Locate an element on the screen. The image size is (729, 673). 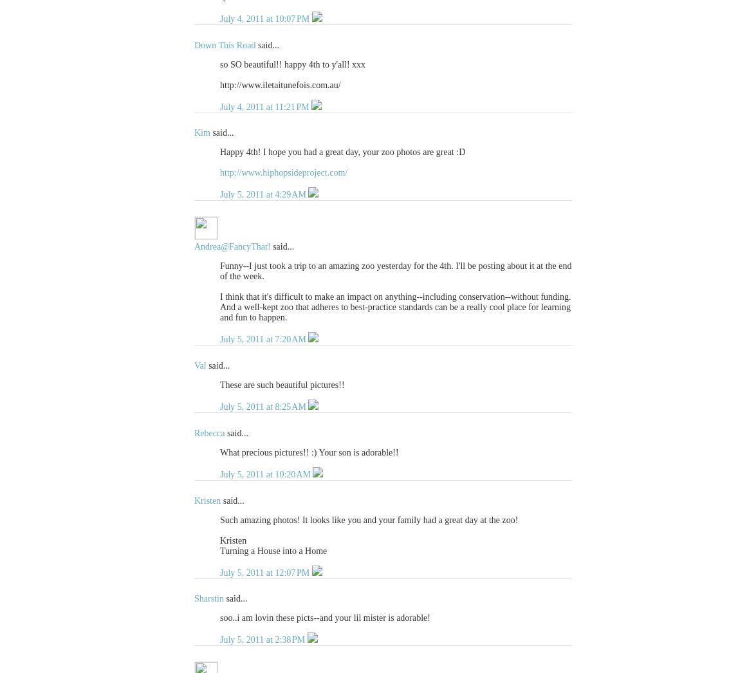
'Turning a House into a Home' is located at coordinates (273, 549).